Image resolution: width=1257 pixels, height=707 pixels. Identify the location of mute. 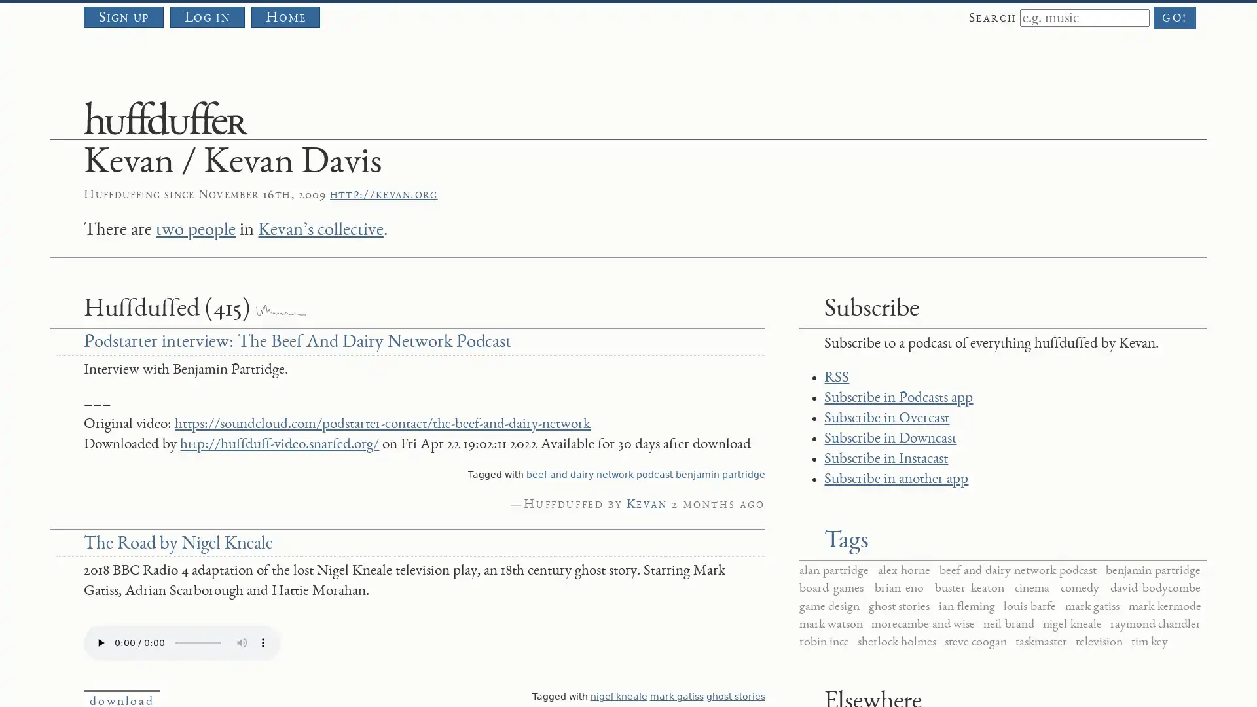
(242, 641).